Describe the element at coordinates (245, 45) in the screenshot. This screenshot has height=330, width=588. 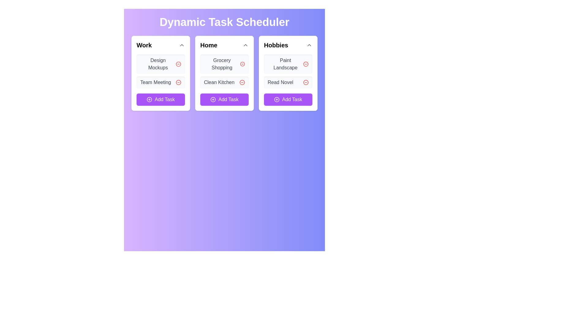
I see `the small, interactive chevron-up icon in the top-right corner of the 'Home' card header` at that location.